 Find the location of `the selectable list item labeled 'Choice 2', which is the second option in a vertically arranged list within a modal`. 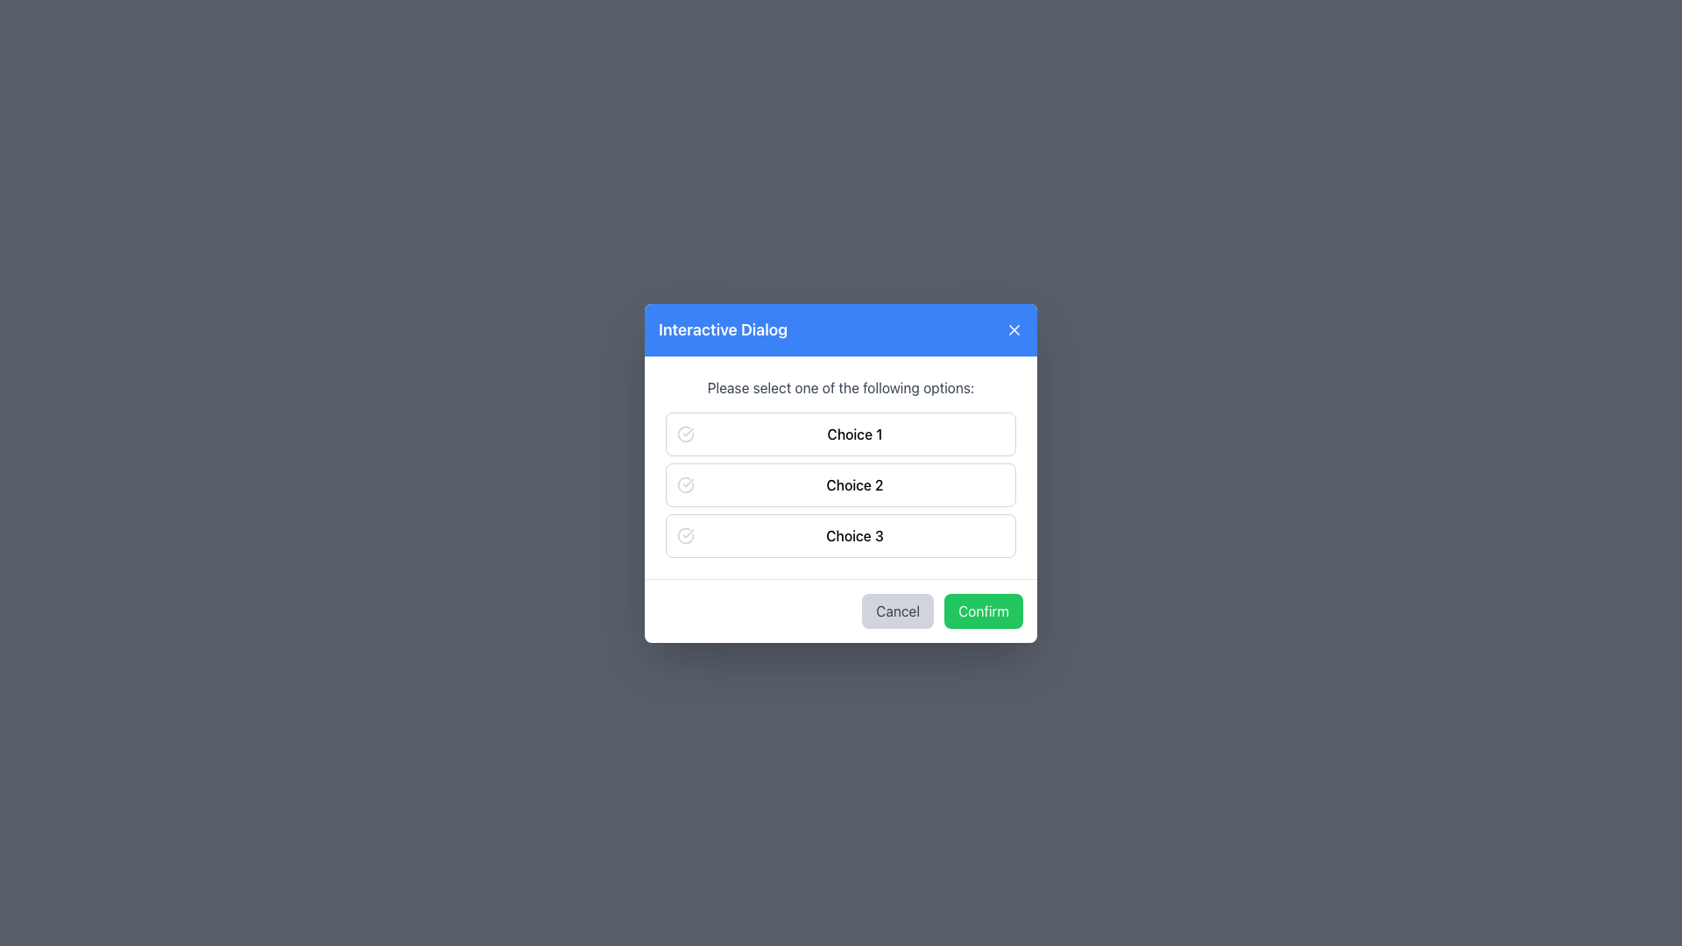

the selectable list item labeled 'Choice 2', which is the second option in a vertically arranged list within a modal is located at coordinates (841, 484).